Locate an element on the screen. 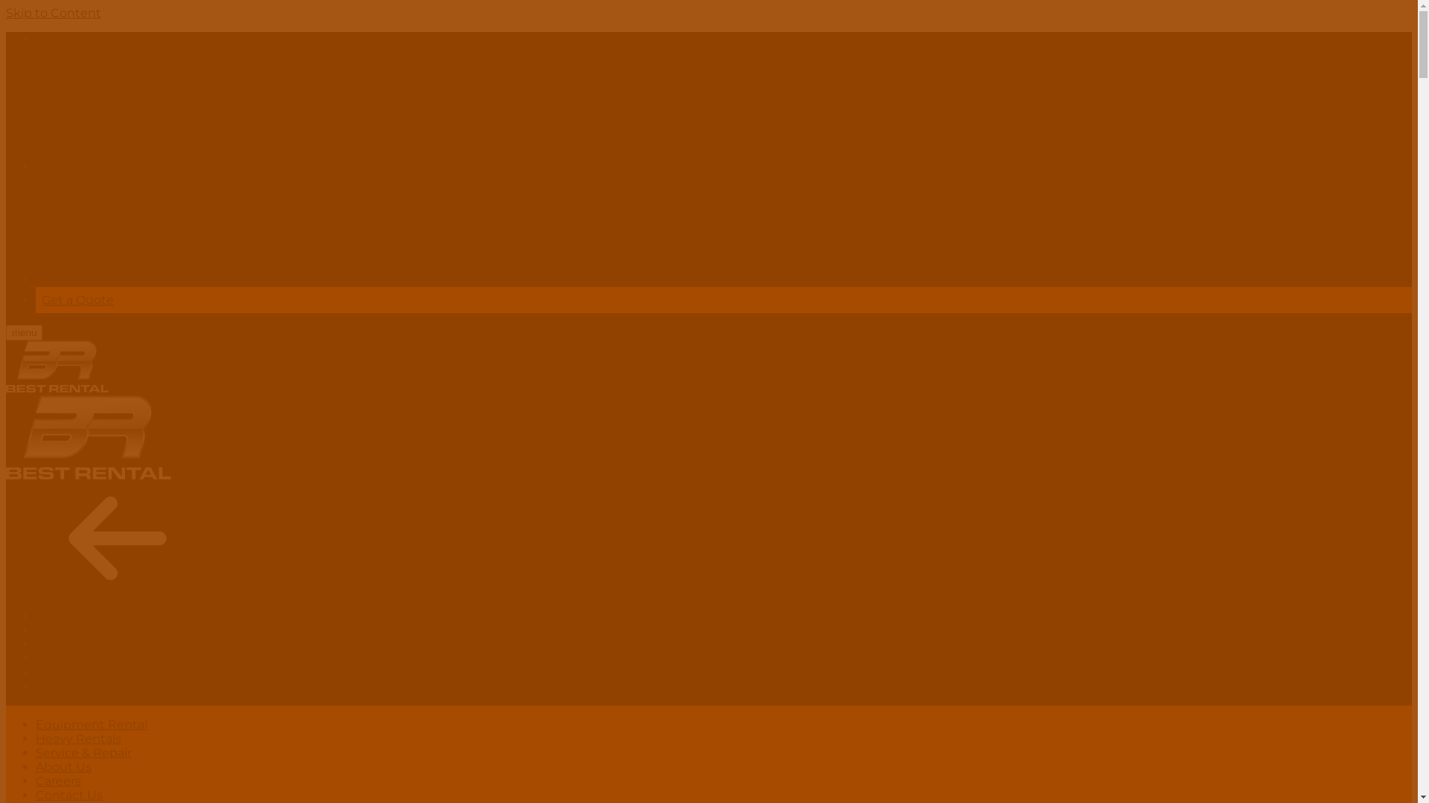 The image size is (1429, 803). 'Careers' is located at coordinates (58, 780).